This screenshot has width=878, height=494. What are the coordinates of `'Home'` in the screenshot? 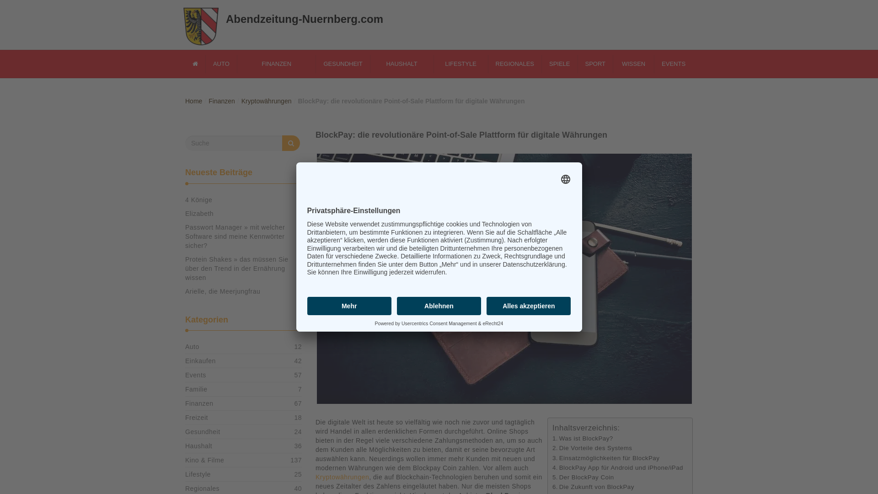 It's located at (190, 101).